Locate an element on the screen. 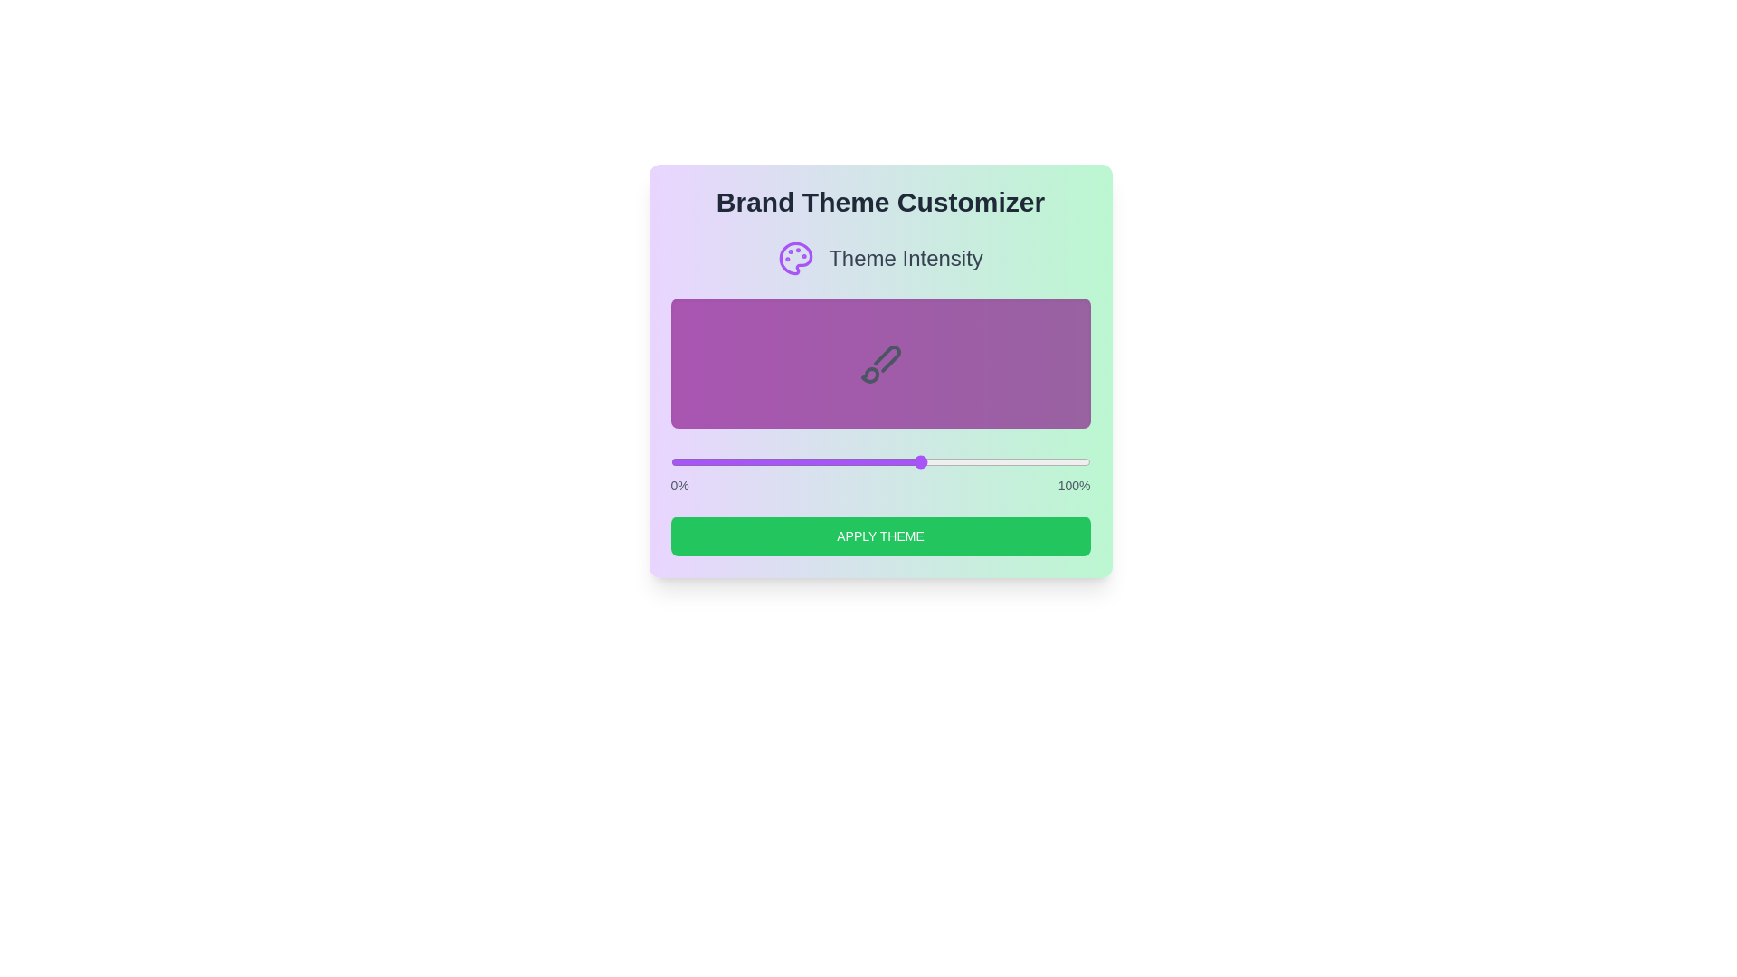  the slider to set the theme intensity to 74% is located at coordinates (980, 460).